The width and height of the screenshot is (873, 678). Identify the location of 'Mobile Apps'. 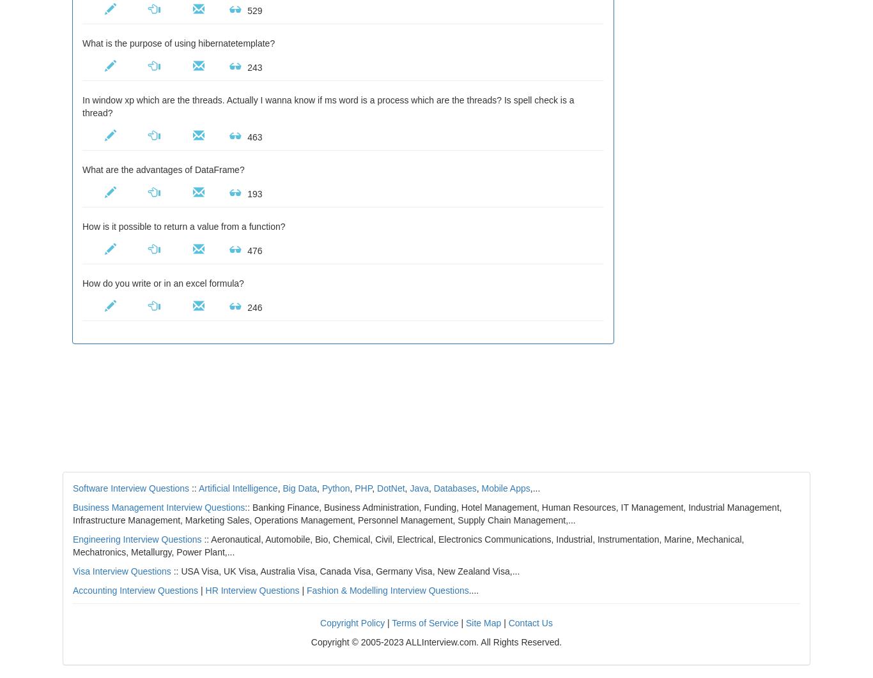
(481, 488).